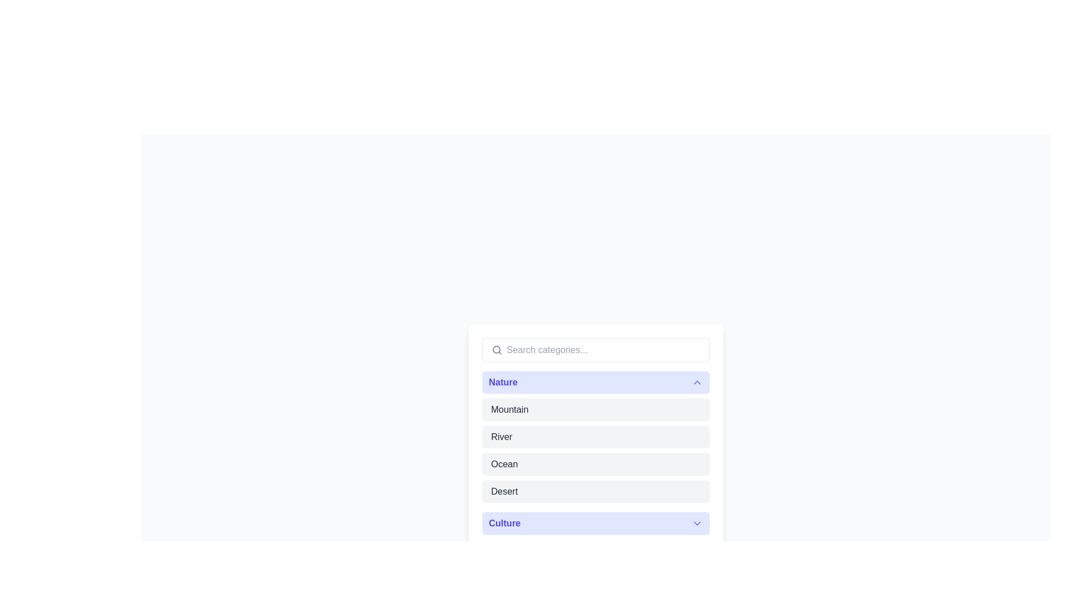 The image size is (1092, 614). I want to click on the 'Desert' option entry, which is the fourth item in the list under the 'Nature' category, so click(595, 491).